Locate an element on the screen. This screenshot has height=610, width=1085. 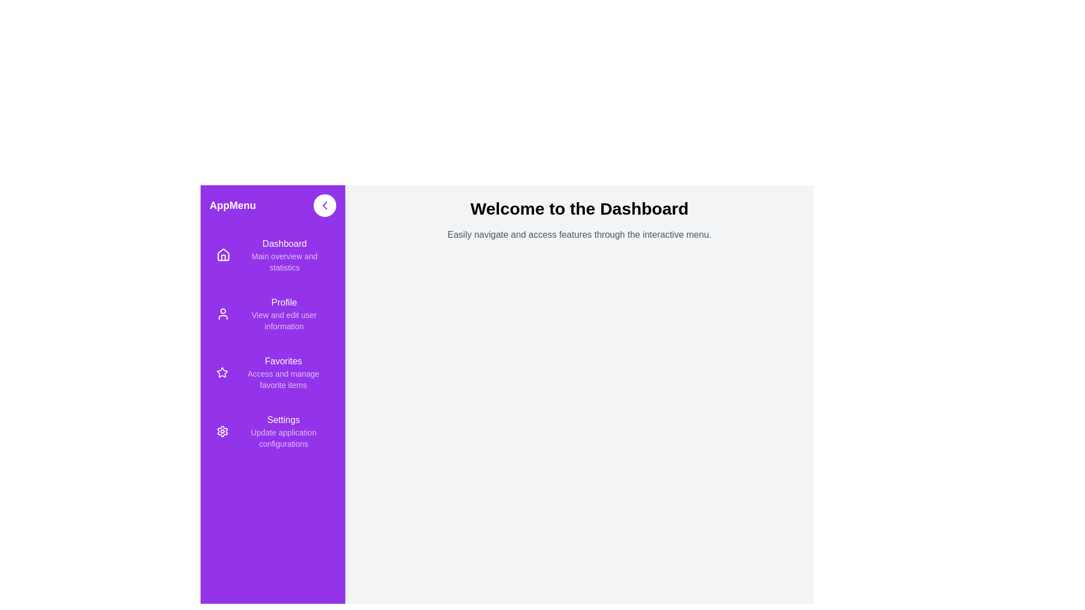
the menu item Profile to highlight it is located at coordinates (273, 313).